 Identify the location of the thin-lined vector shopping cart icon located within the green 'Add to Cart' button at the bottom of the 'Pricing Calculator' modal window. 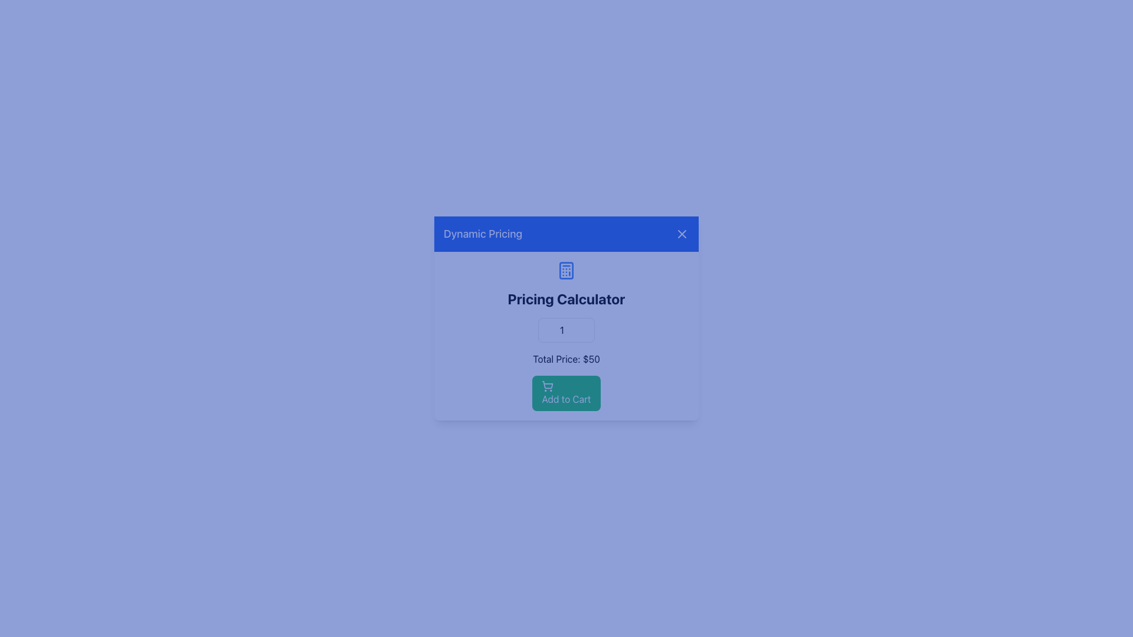
(547, 386).